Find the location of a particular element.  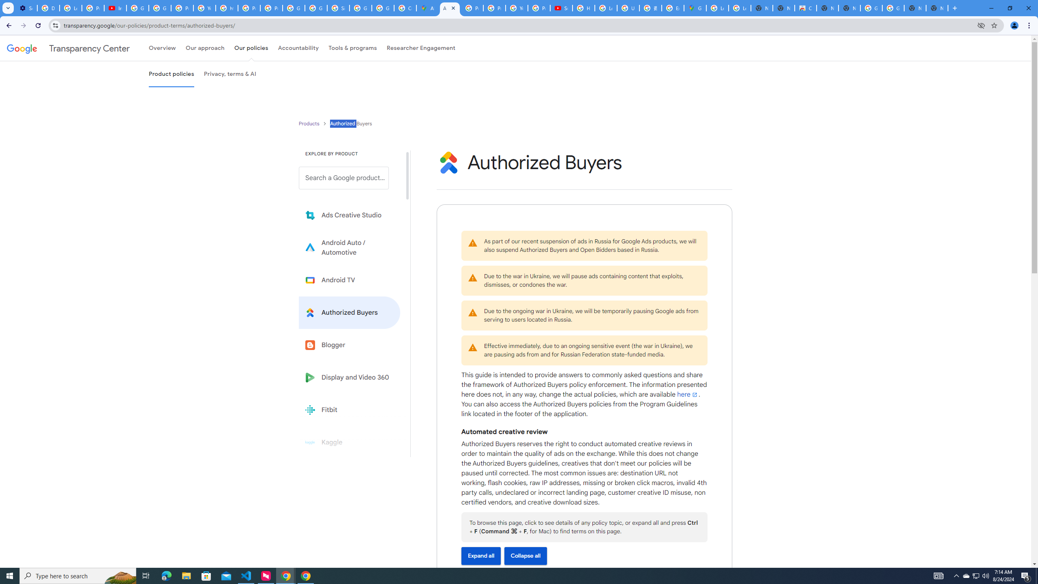

'Our policies' is located at coordinates (251, 48).